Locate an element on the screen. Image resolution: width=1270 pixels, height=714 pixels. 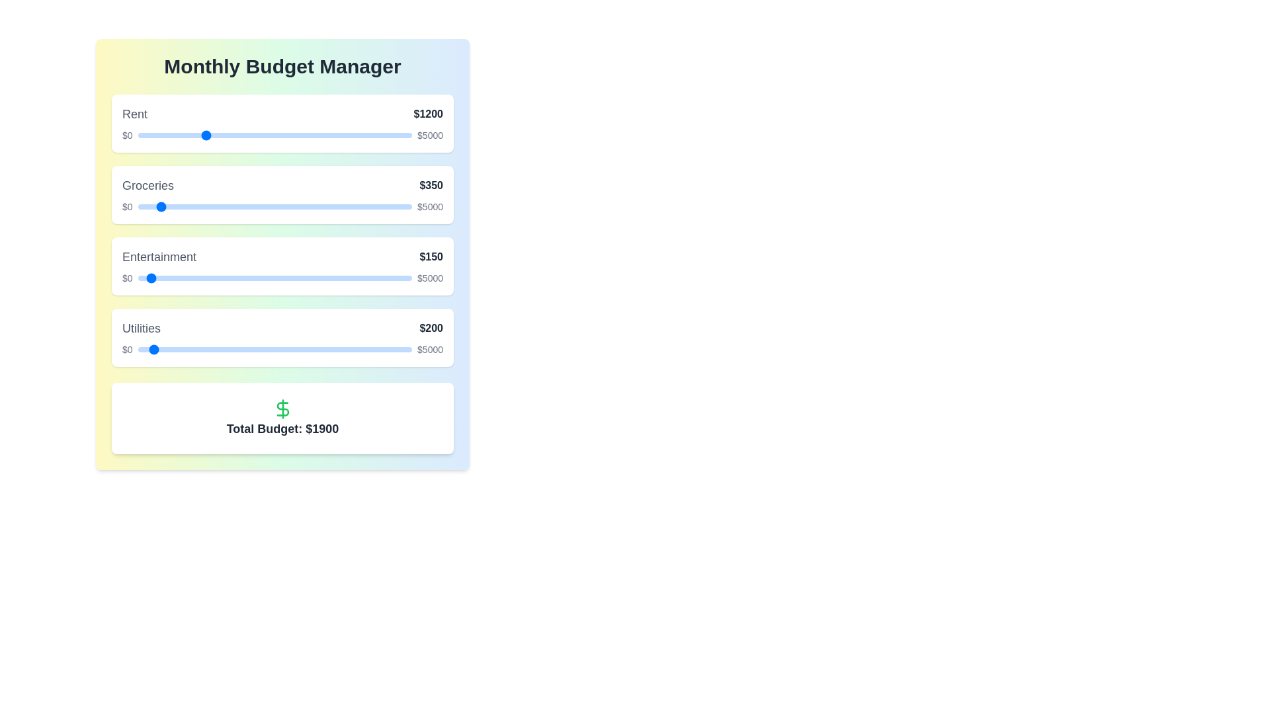
the groceries budget slider is located at coordinates (337, 206).